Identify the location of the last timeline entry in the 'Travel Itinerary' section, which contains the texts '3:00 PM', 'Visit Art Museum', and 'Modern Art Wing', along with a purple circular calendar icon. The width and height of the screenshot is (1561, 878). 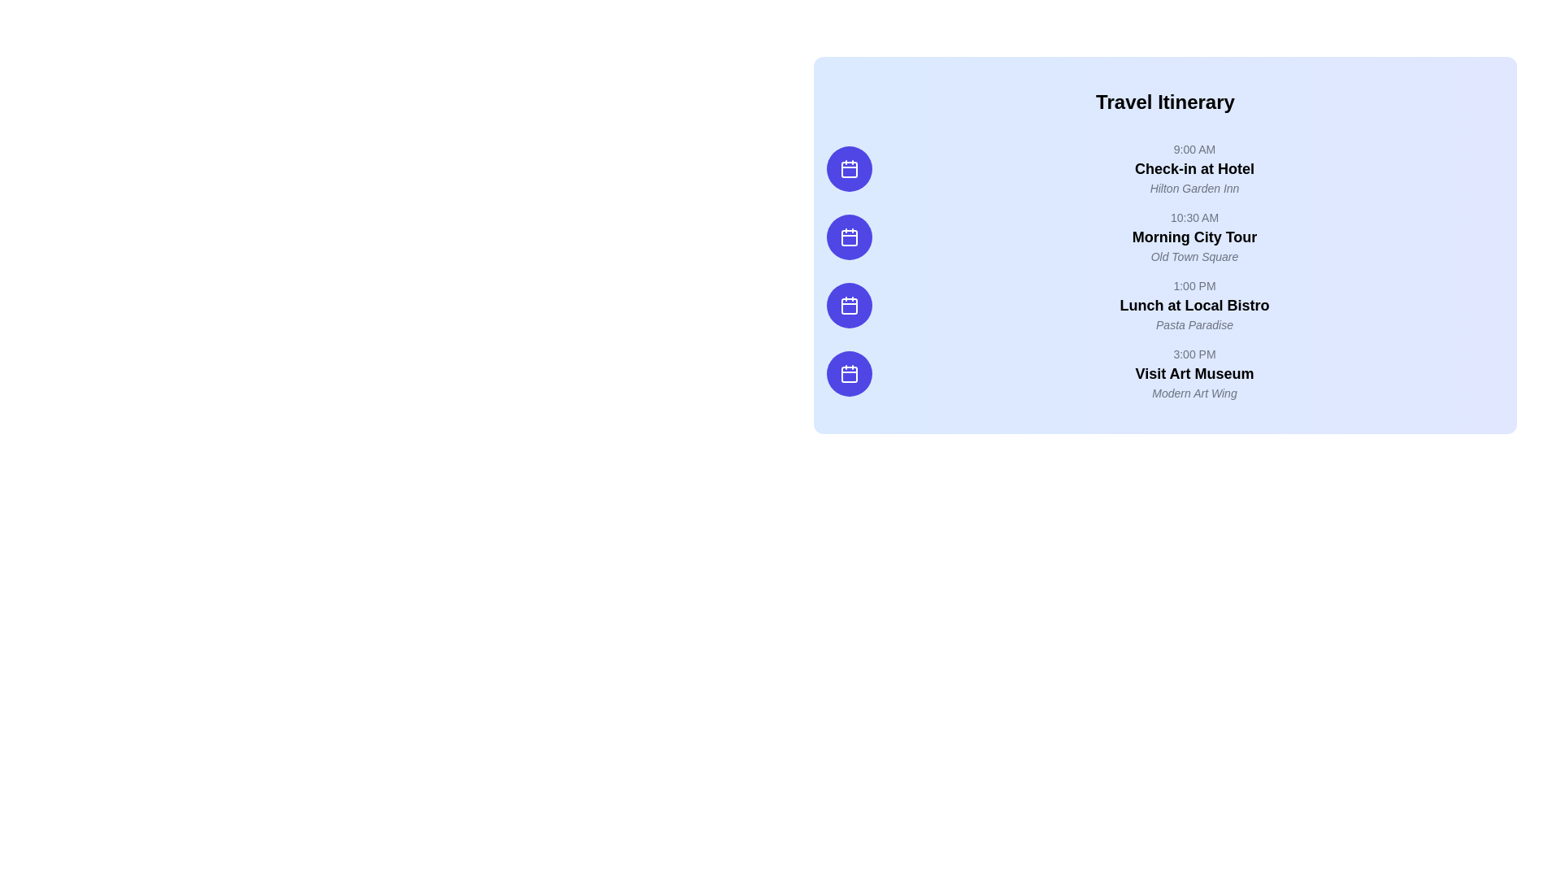
(1164, 373).